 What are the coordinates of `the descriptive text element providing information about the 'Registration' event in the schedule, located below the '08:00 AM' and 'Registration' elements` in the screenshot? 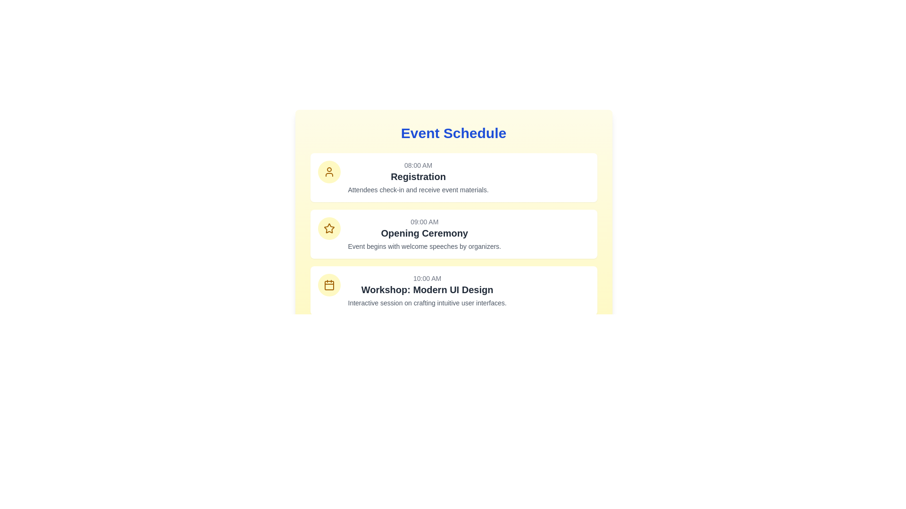 It's located at (418, 189).